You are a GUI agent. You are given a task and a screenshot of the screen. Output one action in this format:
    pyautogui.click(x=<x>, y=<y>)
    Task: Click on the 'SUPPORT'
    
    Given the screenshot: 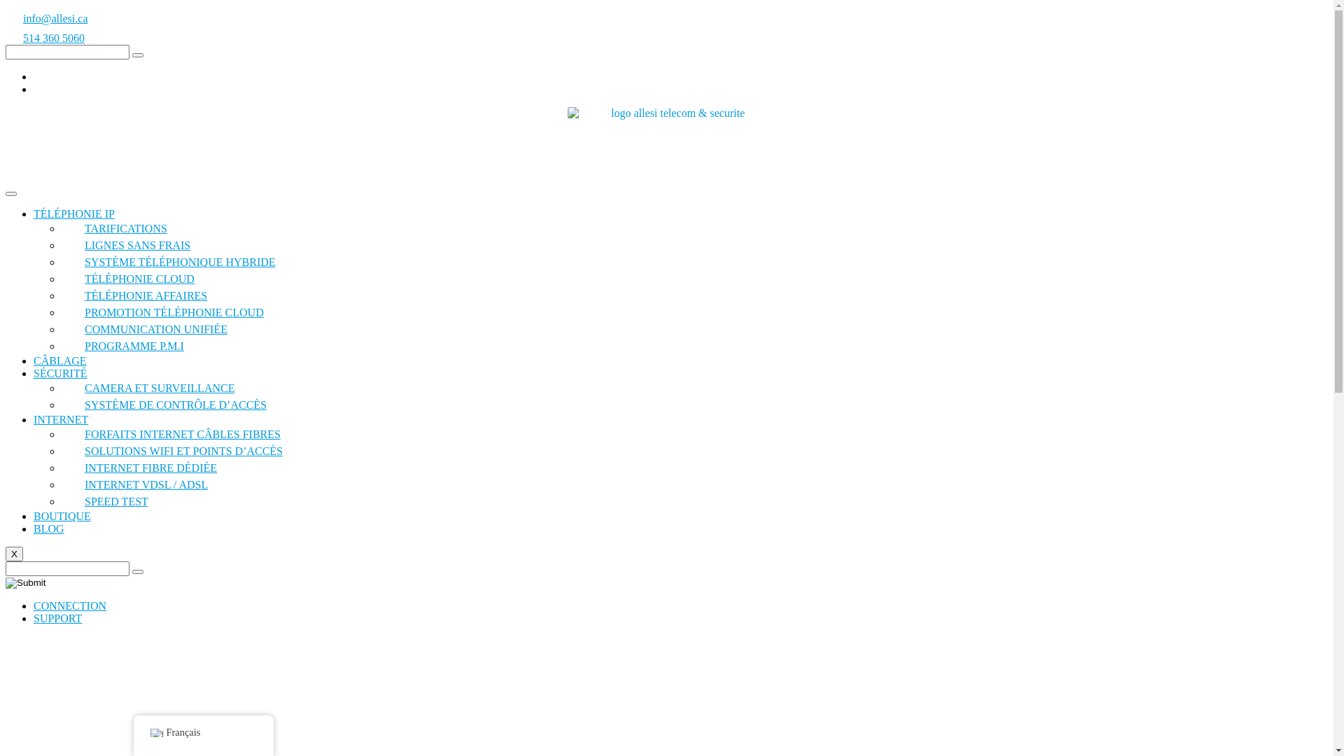 What is the action you would take?
    pyautogui.click(x=34, y=617)
    